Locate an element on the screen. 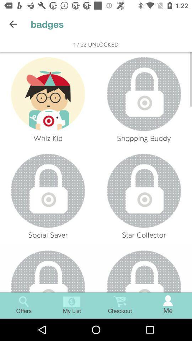 The image size is (192, 341). icon next to badges is located at coordinates (13, 24).